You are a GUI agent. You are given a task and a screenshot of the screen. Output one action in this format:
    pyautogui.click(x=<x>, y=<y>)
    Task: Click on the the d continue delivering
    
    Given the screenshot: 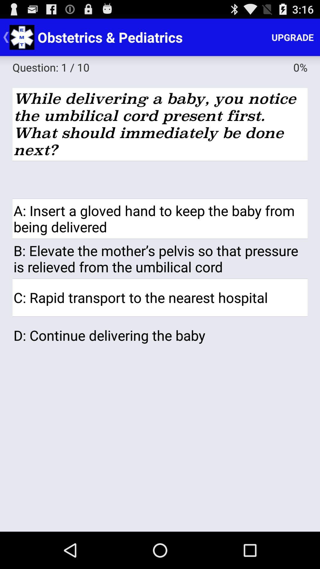 What is the action you would take?
    pyautogui.click(x=160, y=335)
    